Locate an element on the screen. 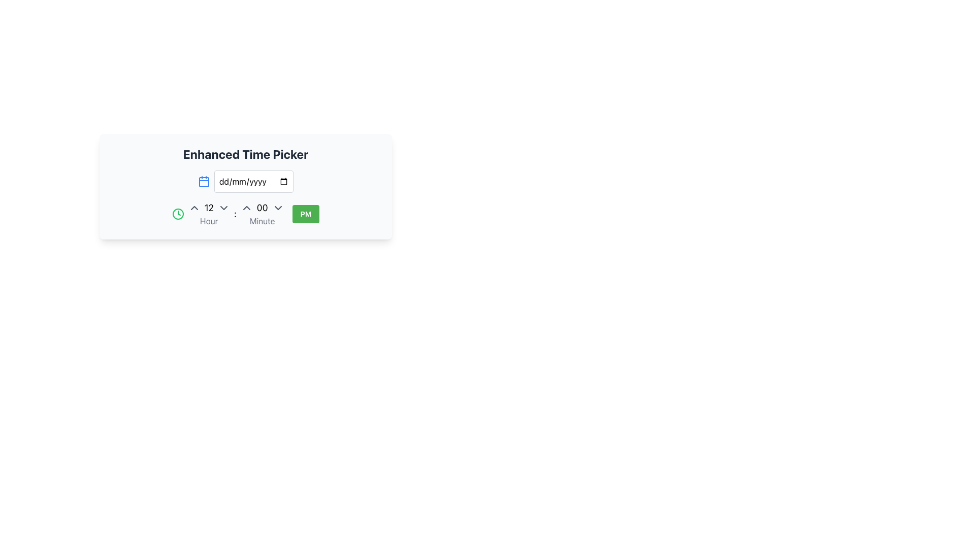  the label displaying '12 Hour' in the hour selection section of the time picker interface is located at coordinates (208, 213).